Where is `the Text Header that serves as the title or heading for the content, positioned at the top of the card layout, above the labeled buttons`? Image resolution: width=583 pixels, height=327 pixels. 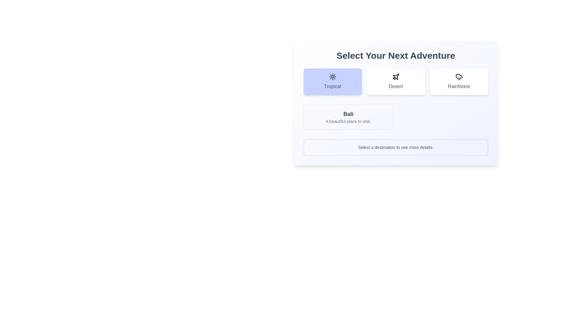
the Text Header that serves as the title or heading for the content, positioned at the top of the card layout, above the labeled buttons is located at coordinates (396, 56).